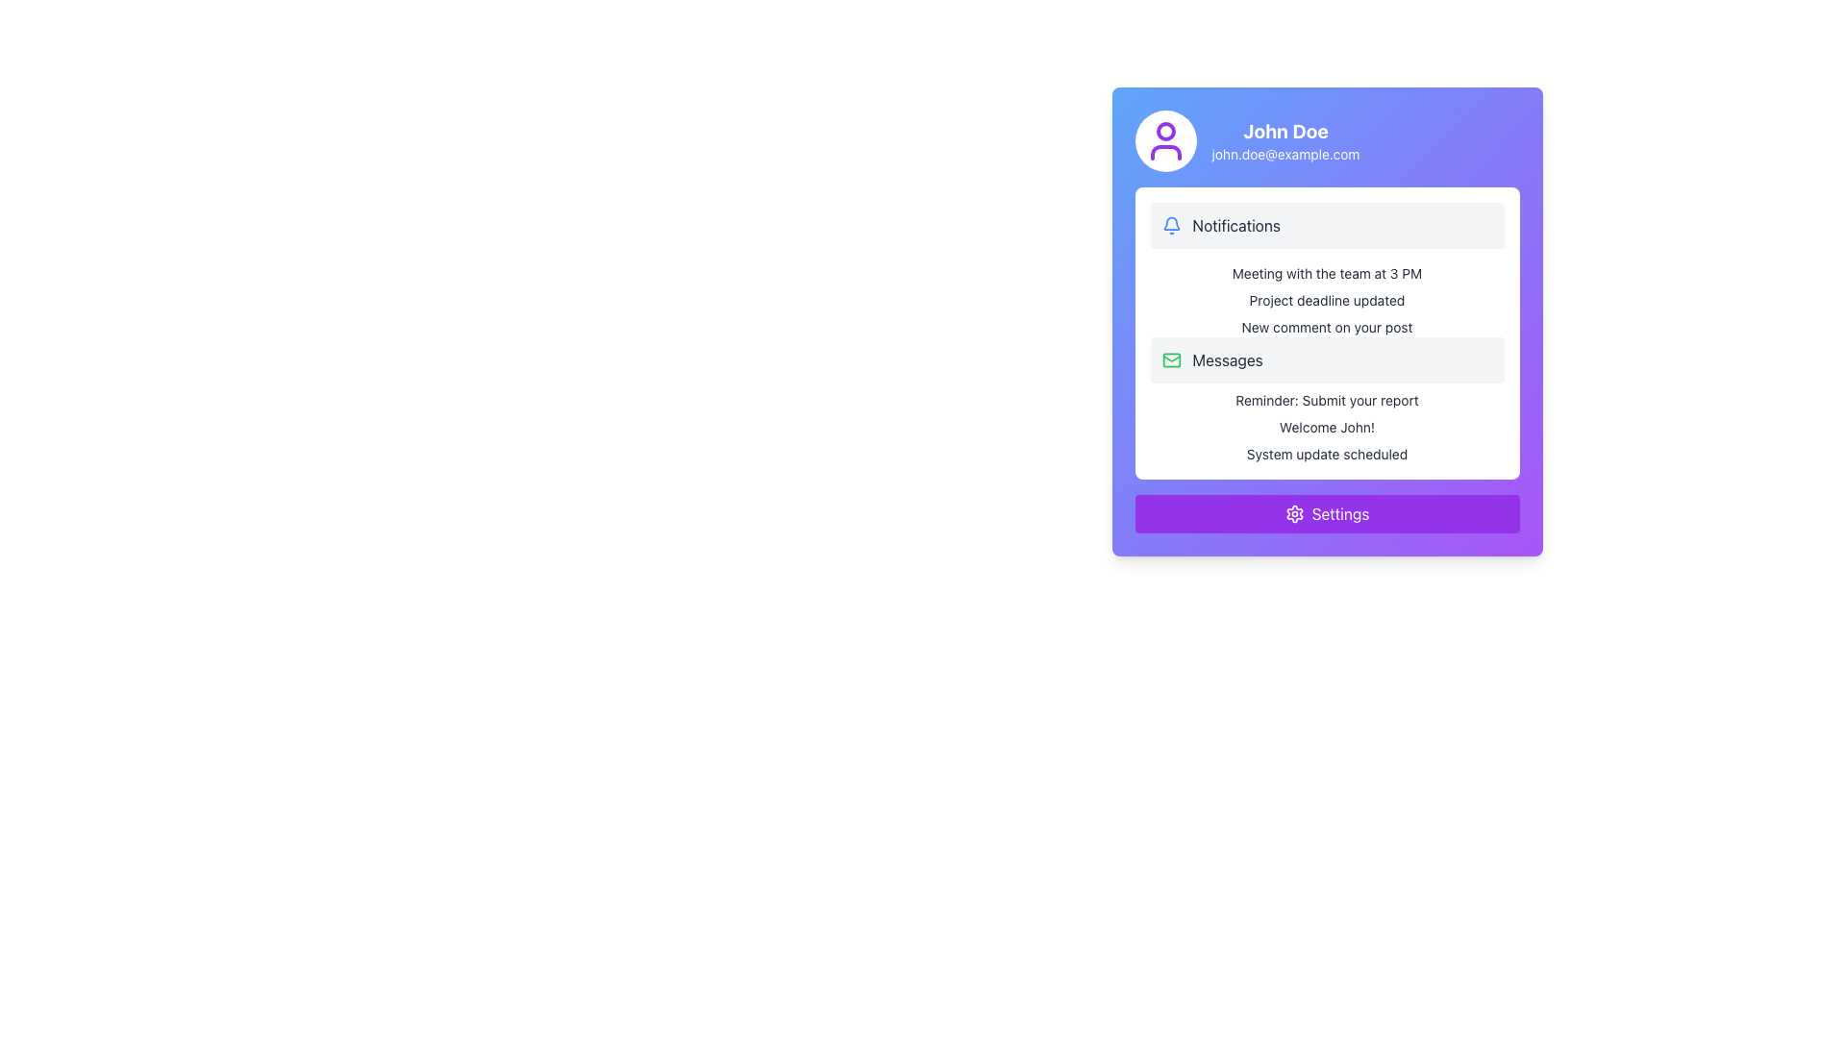  I want to click on the notification label that describes the function of the adjacent bell icon, located at the top part of the interface, so click(1236, 225).